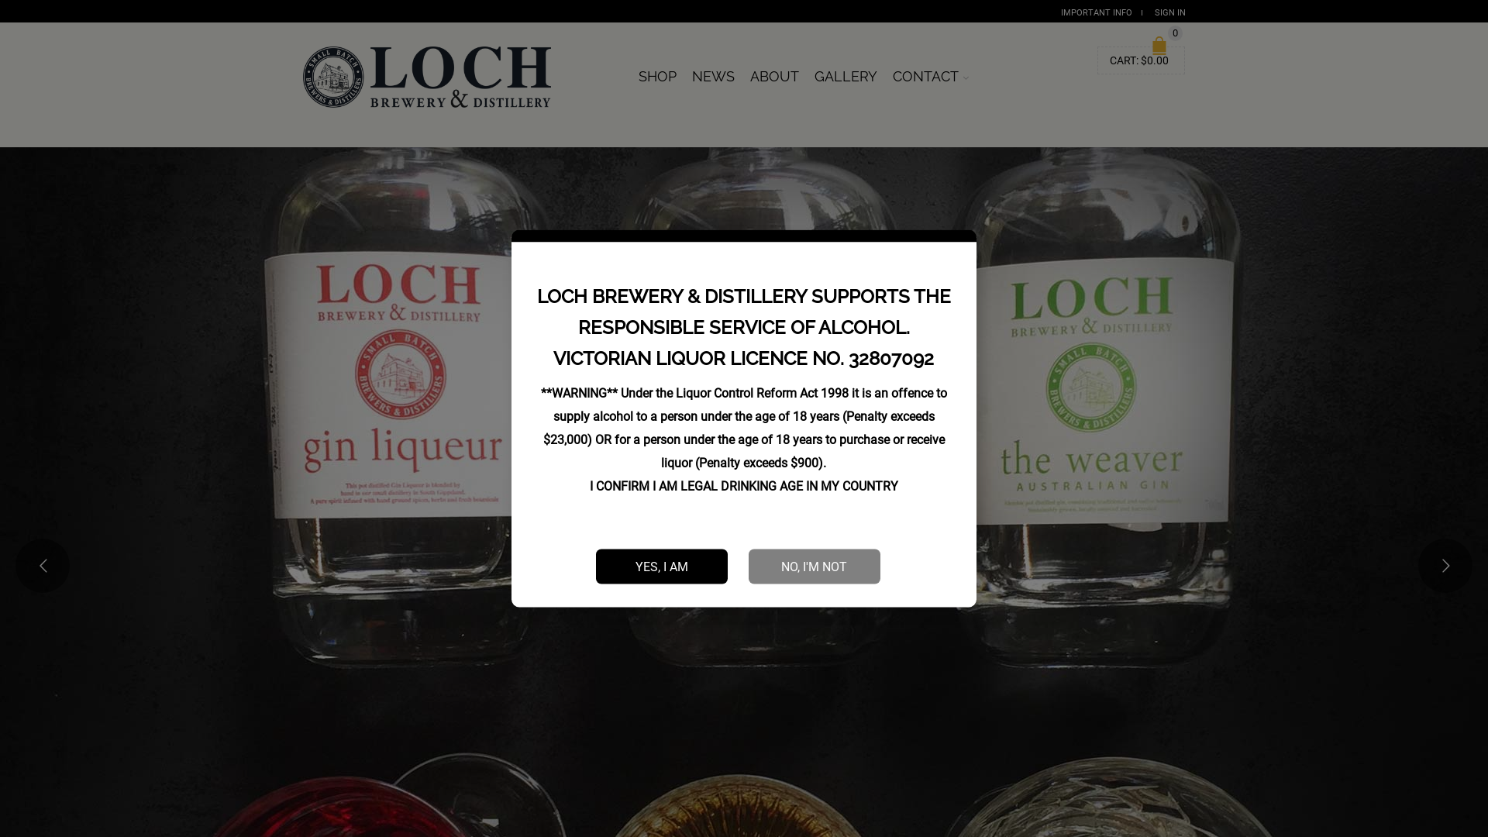 This screenshot has height=837, width=1488. I want to click on 'GALLERY', so click(845, 77).